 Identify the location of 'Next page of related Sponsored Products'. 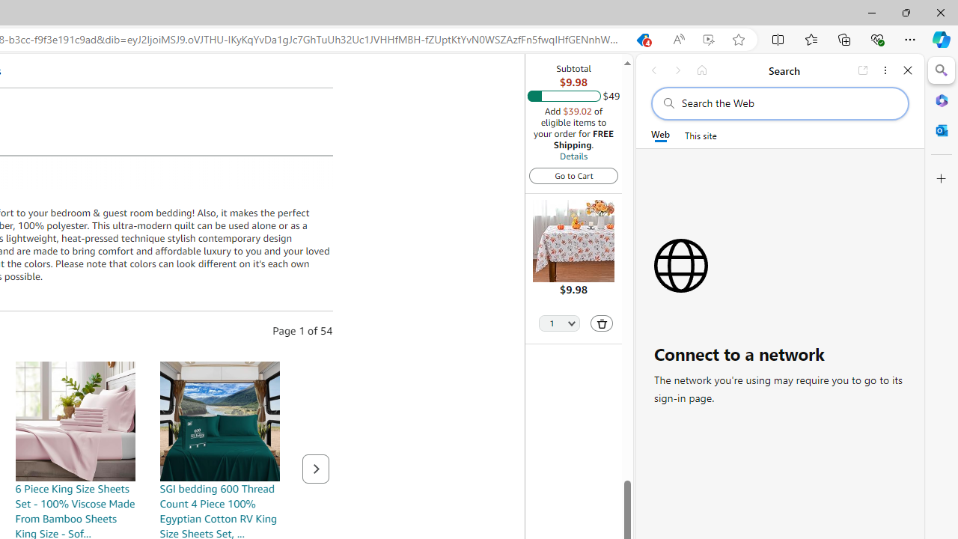
(314, 468).